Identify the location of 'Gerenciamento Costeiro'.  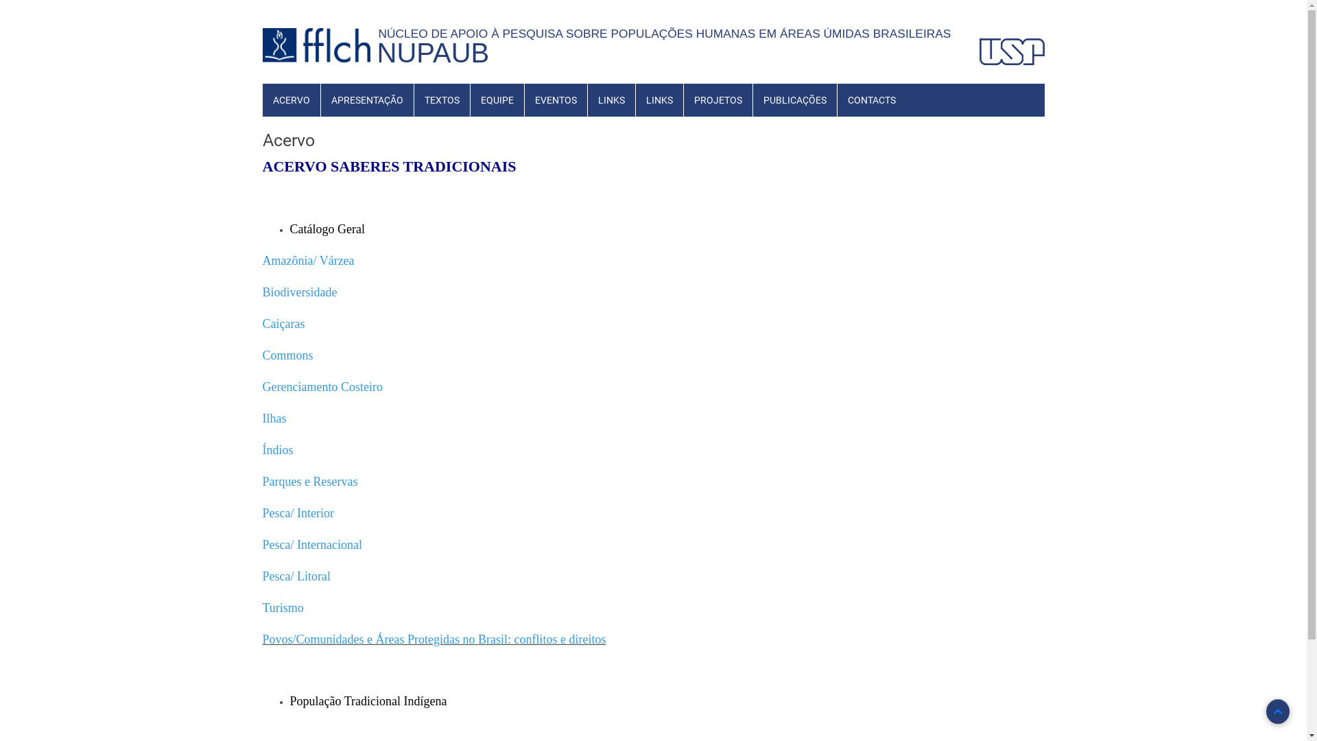
(321, 388).